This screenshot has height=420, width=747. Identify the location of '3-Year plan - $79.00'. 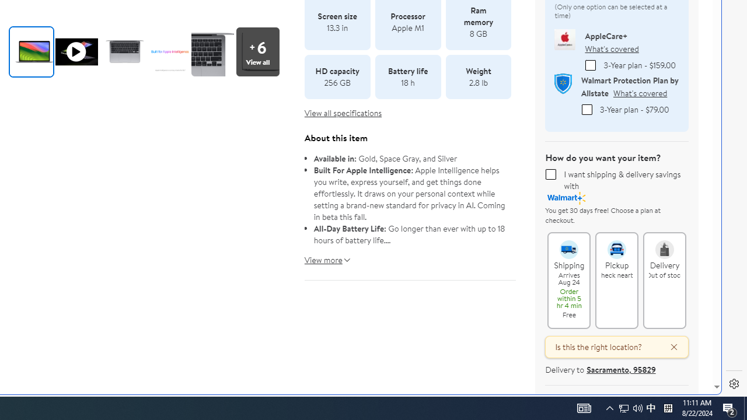
(587, 110).